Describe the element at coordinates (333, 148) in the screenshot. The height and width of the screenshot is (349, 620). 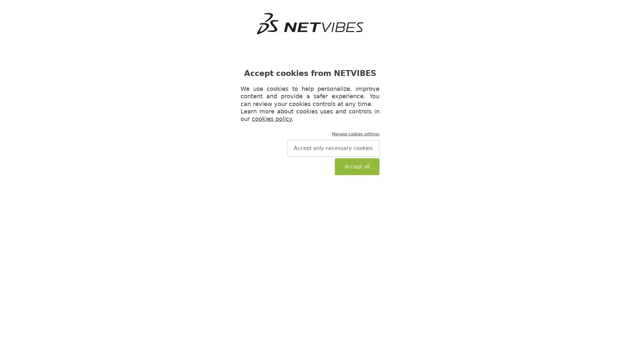
I see `Accept only necessary cookies` at that location.